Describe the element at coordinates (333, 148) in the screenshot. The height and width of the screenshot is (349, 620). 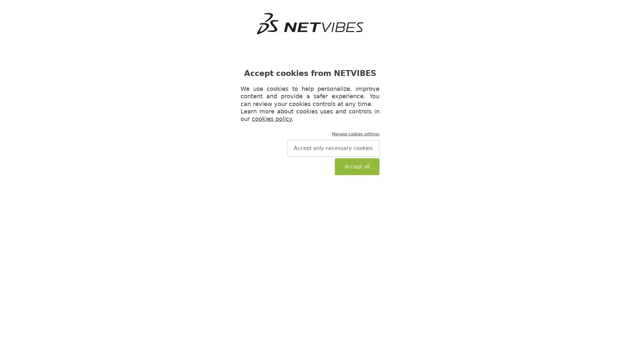
I see `Accept only necessary cookies` at that location.